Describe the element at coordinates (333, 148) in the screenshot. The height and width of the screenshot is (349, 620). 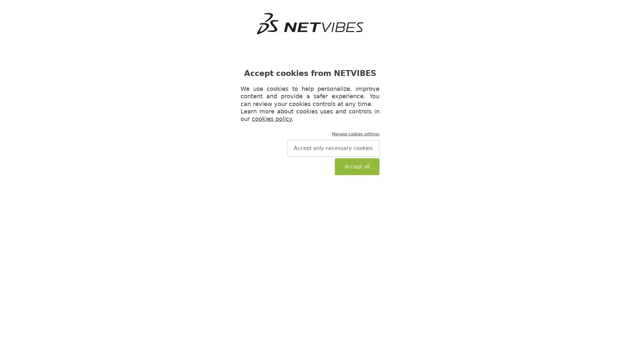
I see `Accept only necessary cookies` at that location.